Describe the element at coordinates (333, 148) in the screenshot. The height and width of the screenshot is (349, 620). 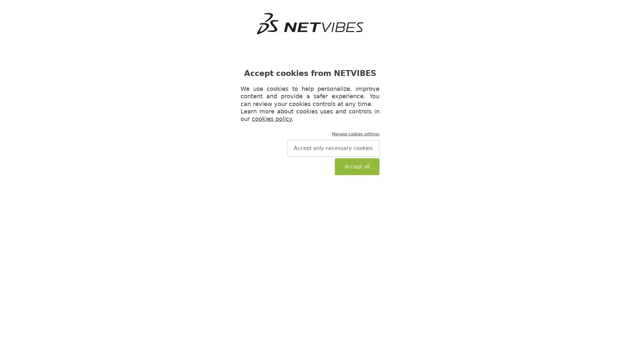
I see `Accept only necessary cookies` at that location.